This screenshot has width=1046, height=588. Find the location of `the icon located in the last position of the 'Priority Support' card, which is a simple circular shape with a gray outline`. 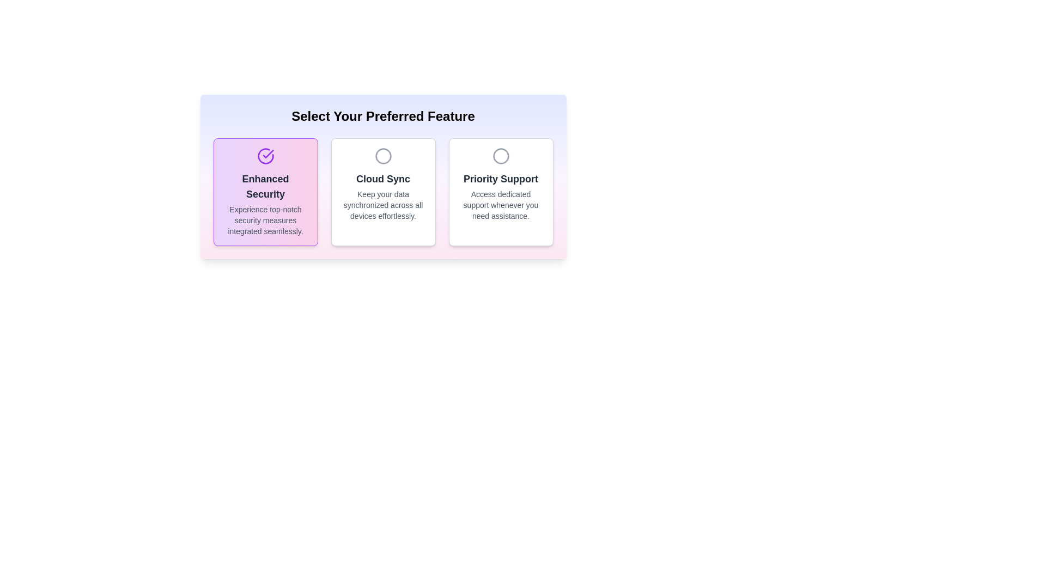

the icon located in the last position of the 'Priority Support' card, which is a simple circular shape with a gray outline is located at coordinates (500, 156).